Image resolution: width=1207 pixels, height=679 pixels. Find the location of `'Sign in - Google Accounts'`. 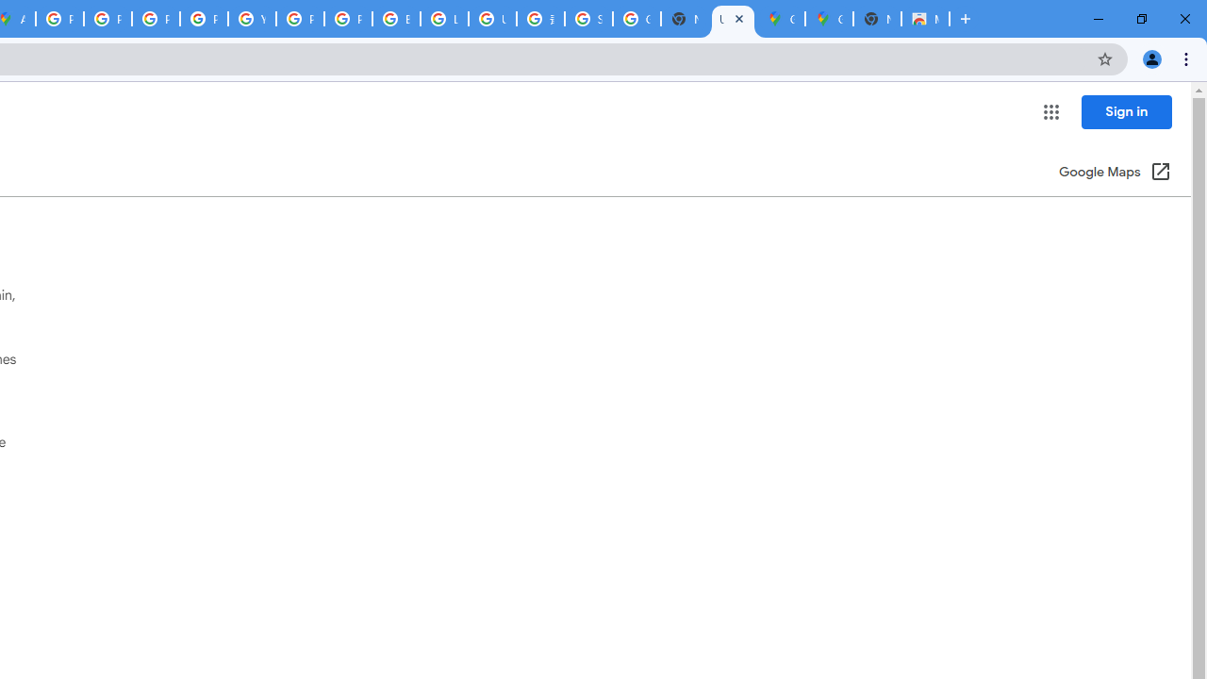

'Sign in - Google Accounts' is located at coordinates (587, 19).